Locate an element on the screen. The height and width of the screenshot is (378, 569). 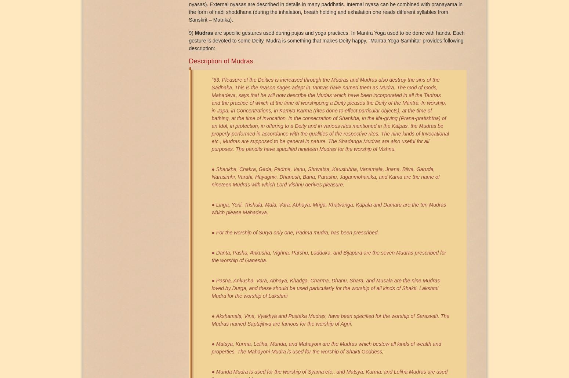
'Mudras' is located at coordinates (204, 32).